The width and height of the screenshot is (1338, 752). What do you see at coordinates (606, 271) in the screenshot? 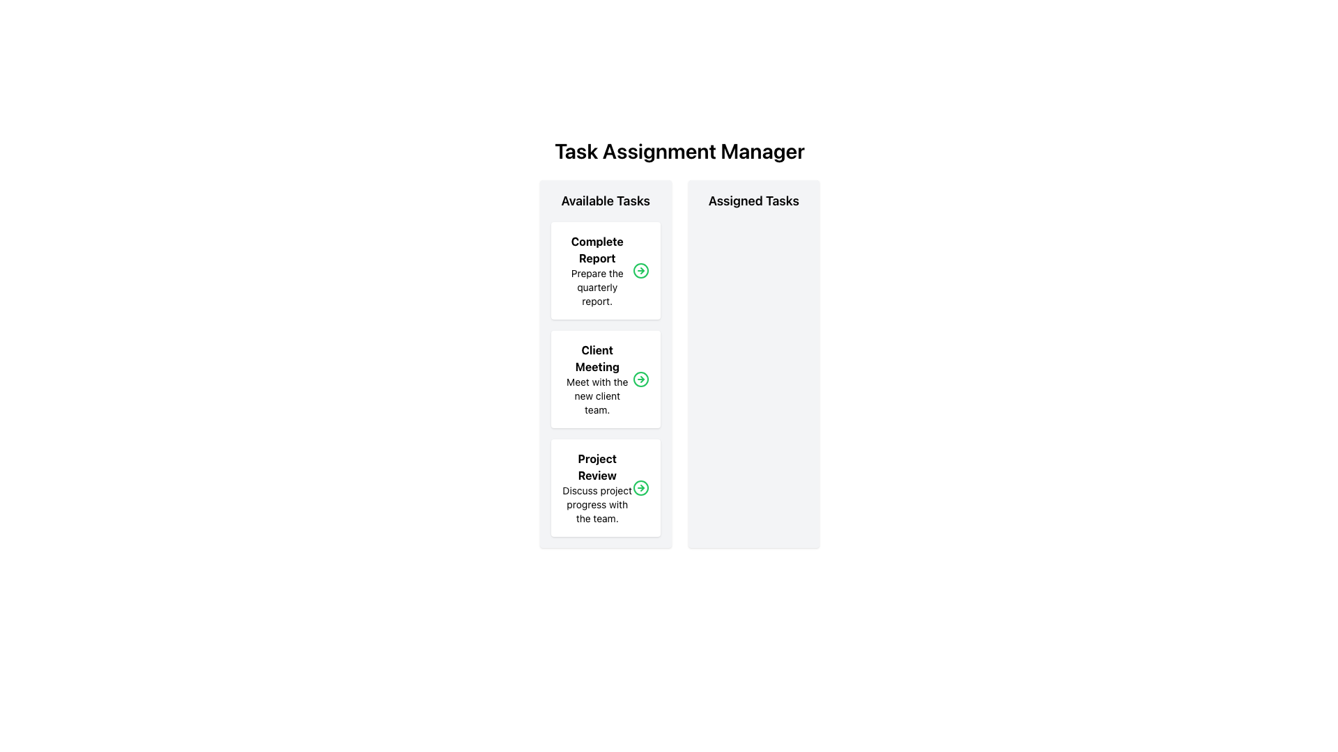
I see `the 'Complete Report' task card from the 'Available Tasks' section` at bounding box center [606, 271].